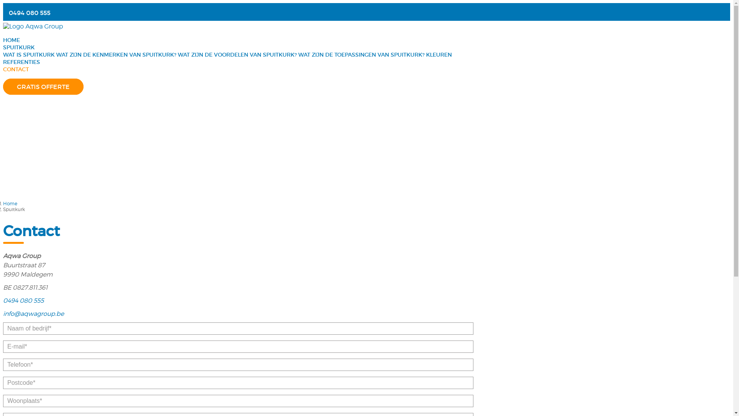 This screenshot has height=416, width=739. I want to click on 'WAT IS SPUITKURK', so click(29, 54).